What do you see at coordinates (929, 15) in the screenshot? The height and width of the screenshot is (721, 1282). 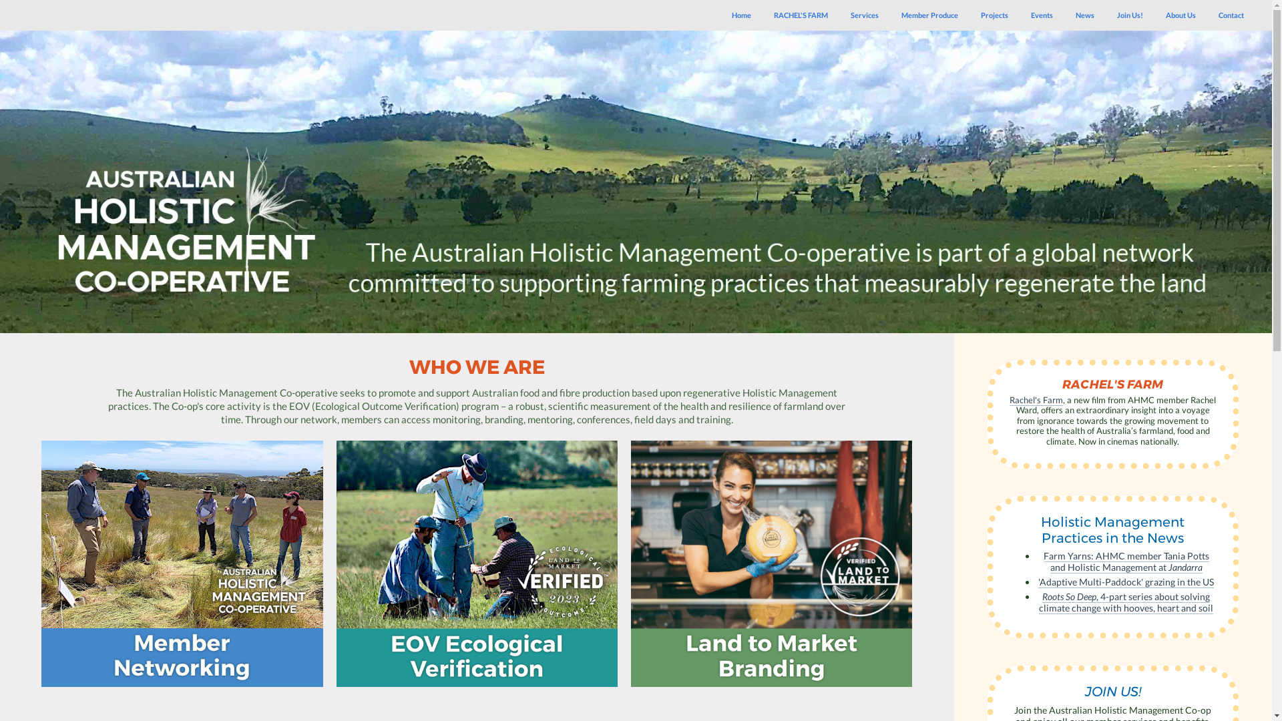 I see `'Member Produce'` at bounding box center [929, 15].